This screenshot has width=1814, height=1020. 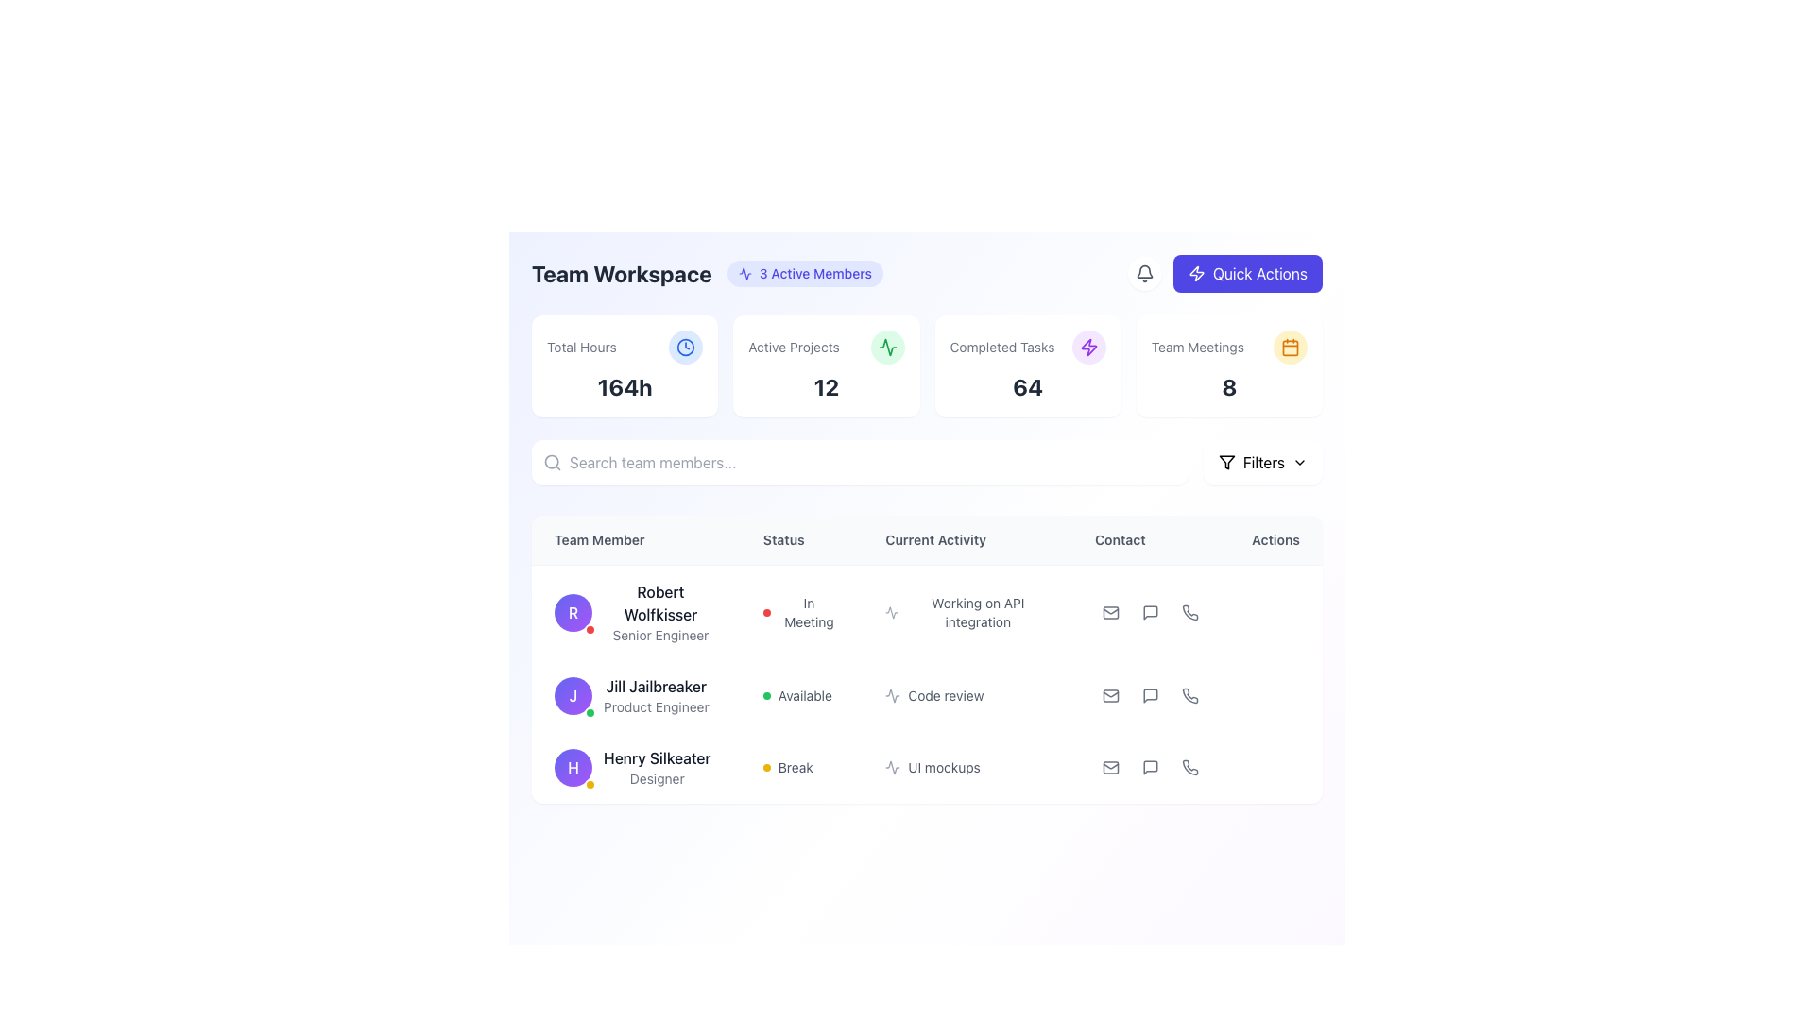 What do you see at coordinates (927, 540) in the screenshot?
I see `the Table Header Row which contains labels for the columns such as 'Team Member', 'Status', 'Current Activity', 'Contact', and 'Actions'` at bounding box center [927, 540].